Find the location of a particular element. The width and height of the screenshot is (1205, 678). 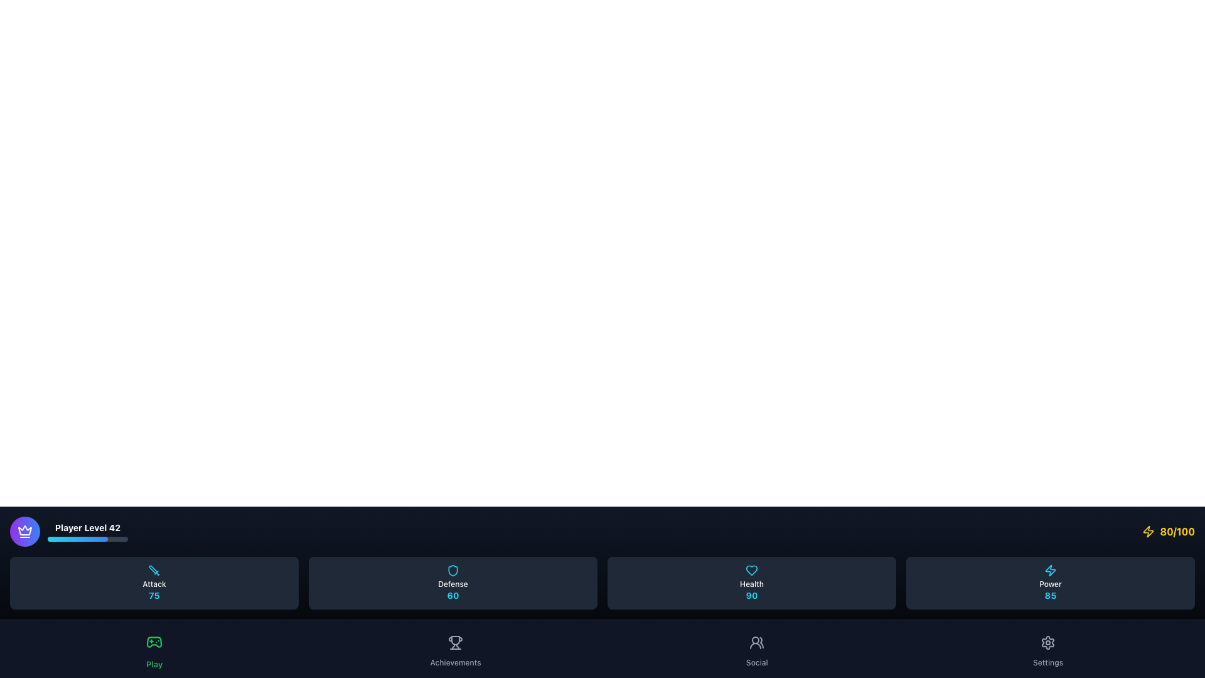

the text displaying the number '85' in cyan blue, which is styled in a bold font and located within a dark rectangular card labeled 'Power' at the bottom right of the card is located at coordinates (1051, 595).